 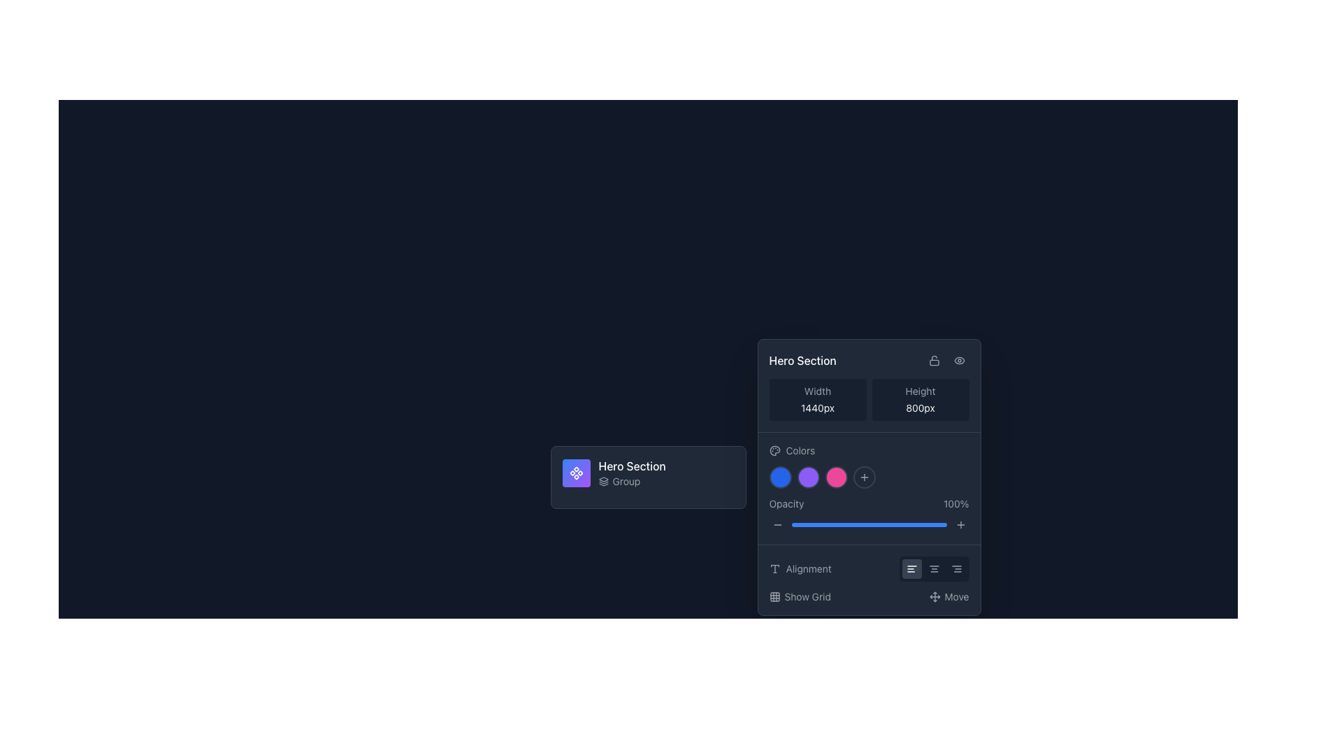 I want to click on the second circular button with a purple fill and black border, located in the horizontal row of buttons near the center-right of the interface, so click(x=808, y=476).